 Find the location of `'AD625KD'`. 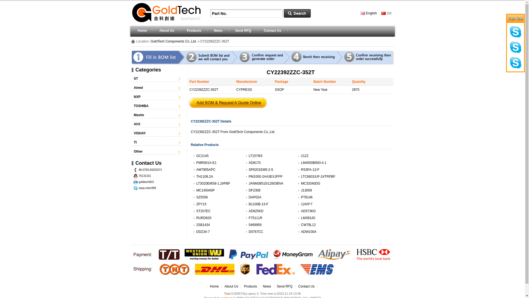

'AD625KD' is located at coordinates (248, 211).